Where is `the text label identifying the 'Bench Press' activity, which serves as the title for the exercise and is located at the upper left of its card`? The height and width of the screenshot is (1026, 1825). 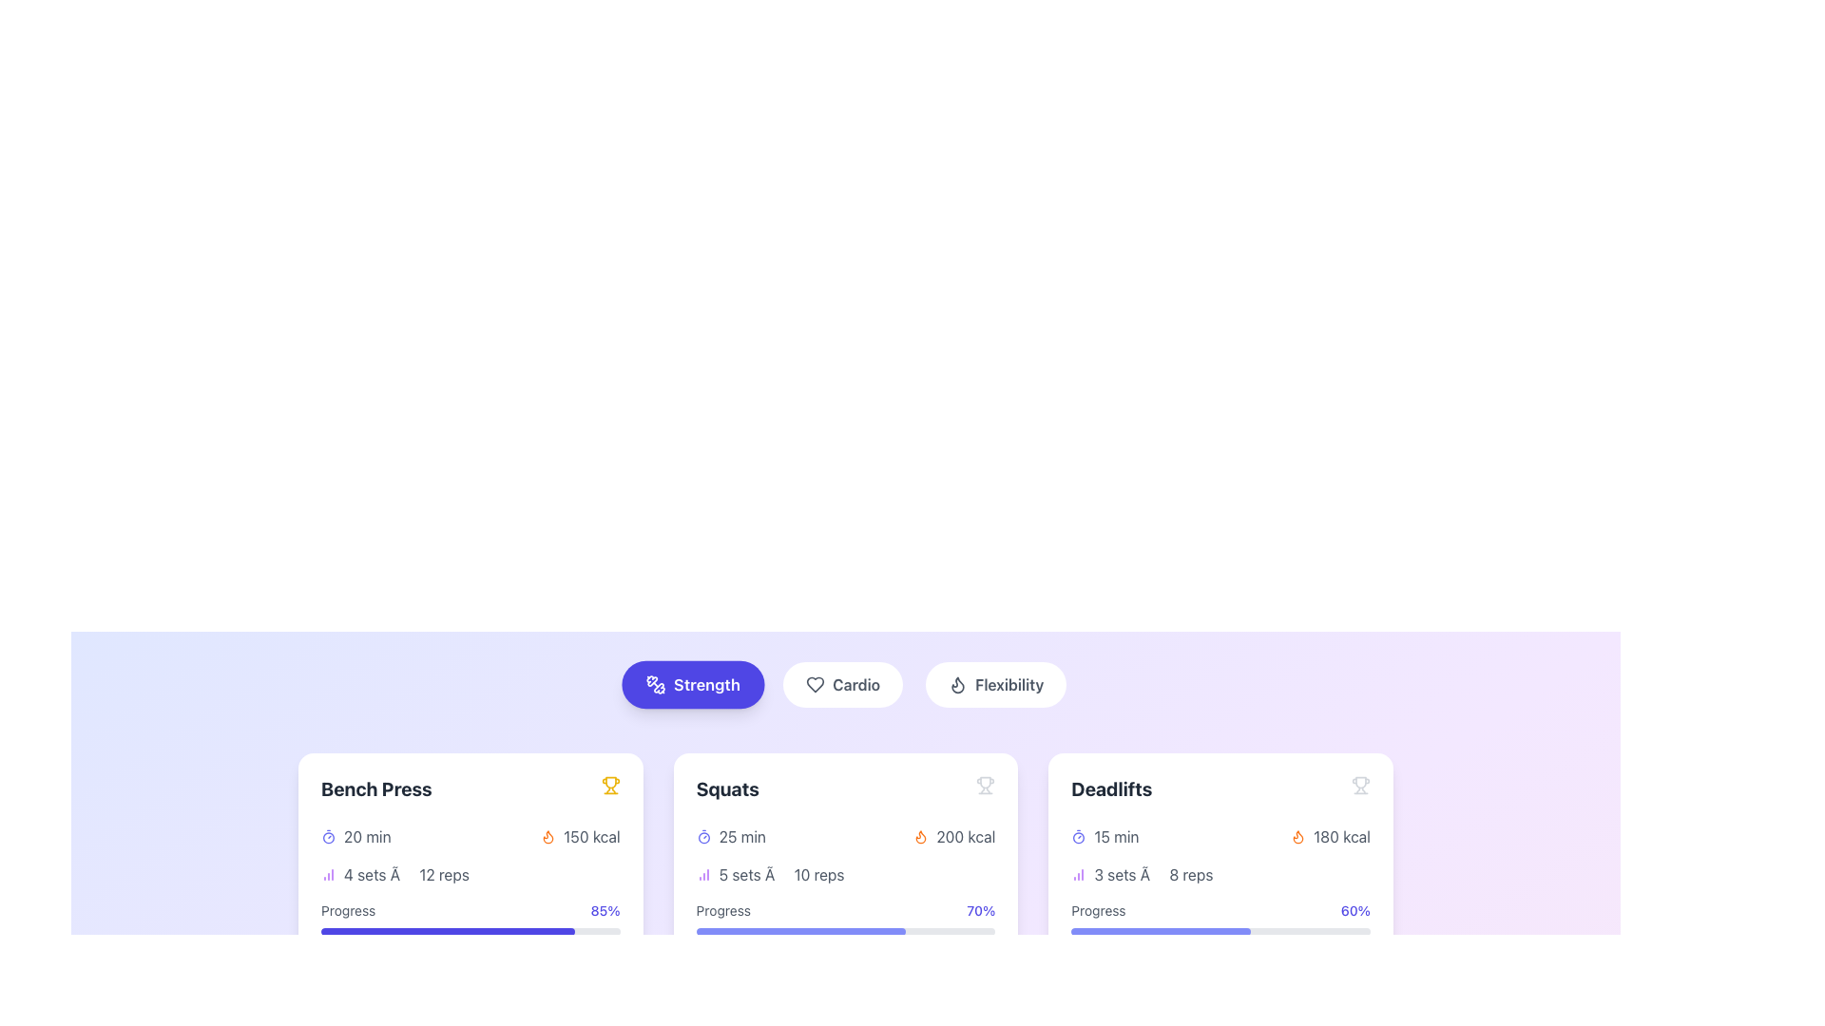 the text label identifying the 'Bench Press' activity, which serves as the title for the exercise and is located at the upper left of its card is located at coordinates (376, 788).